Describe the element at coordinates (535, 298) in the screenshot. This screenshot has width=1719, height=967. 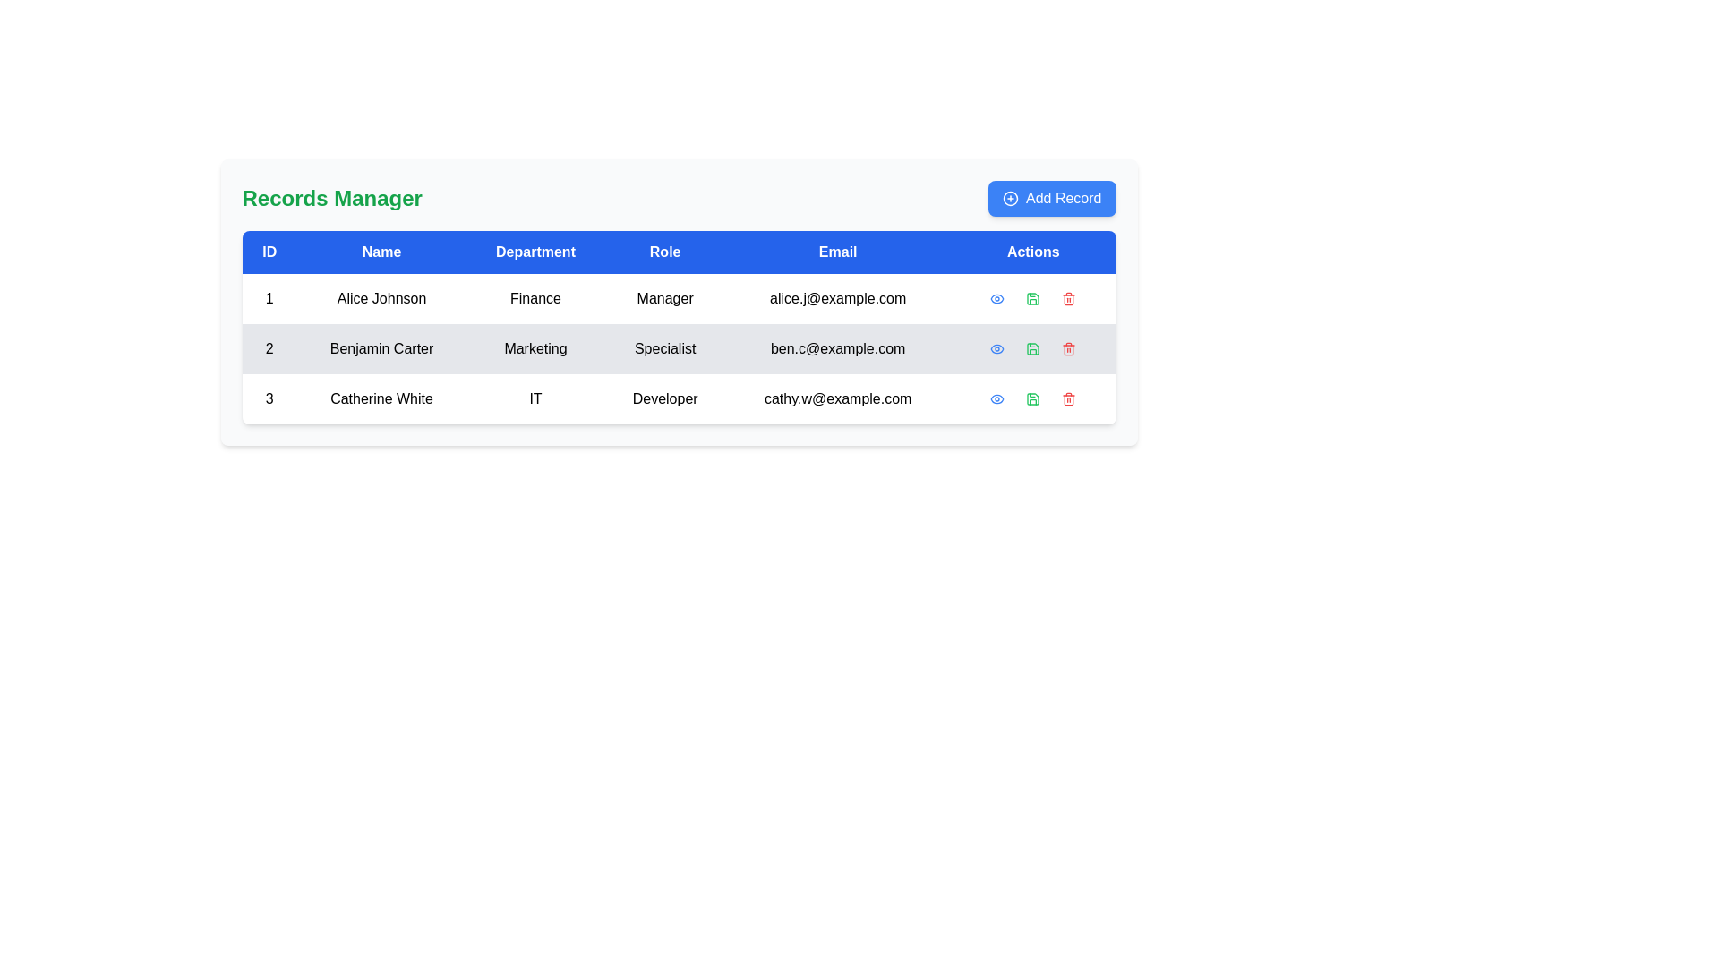
I see `the text label reading 'Finance' located in the third column of the first row of the main table under the 'Department' header, corresponding to the record for 'Alice Johnson.'` at that location.